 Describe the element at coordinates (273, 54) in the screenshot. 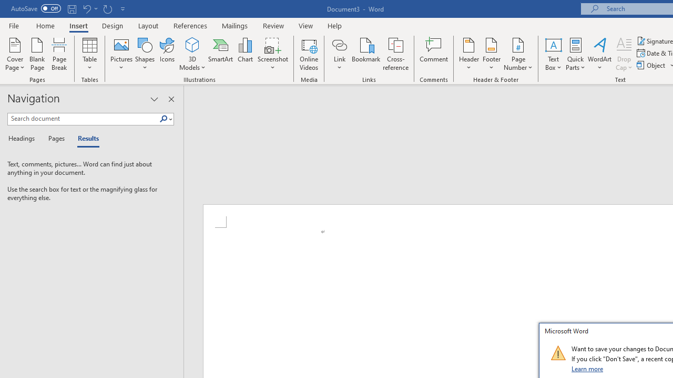

I see `'Screenshot'` at that location.